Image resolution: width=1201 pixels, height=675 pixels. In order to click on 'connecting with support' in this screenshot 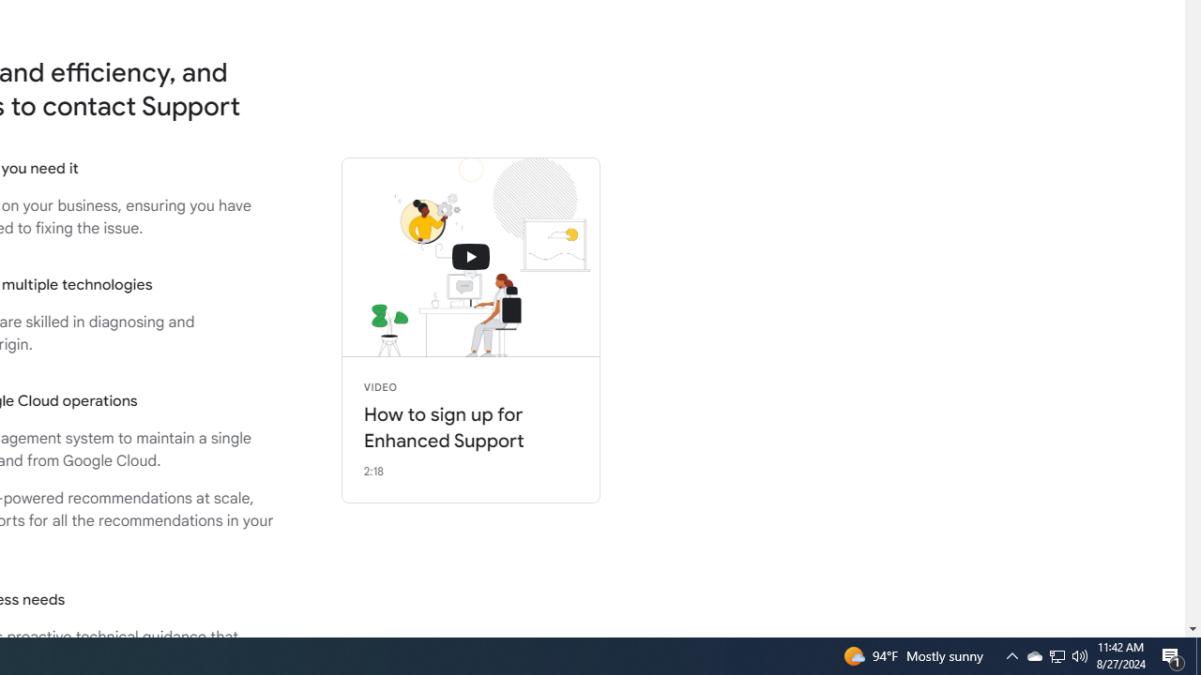, I will do `click(470, 257)`.